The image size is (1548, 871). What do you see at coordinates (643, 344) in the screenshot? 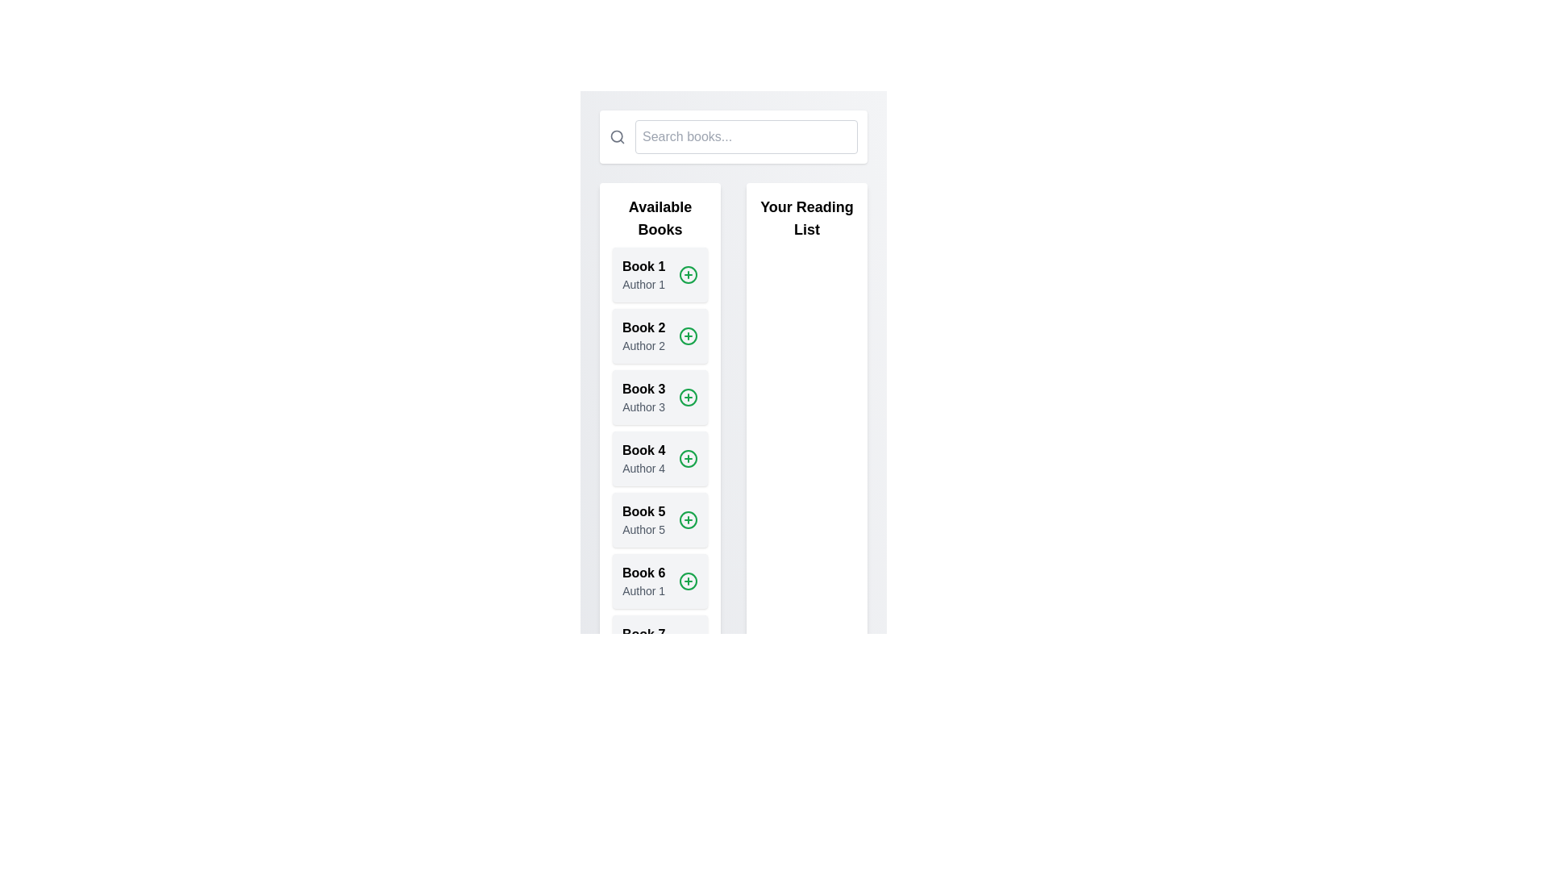
I see `the text label that displays 'Author 2', located below the title 'Book 2' in the 'Available Books' list` at bounding box center [643, 344].